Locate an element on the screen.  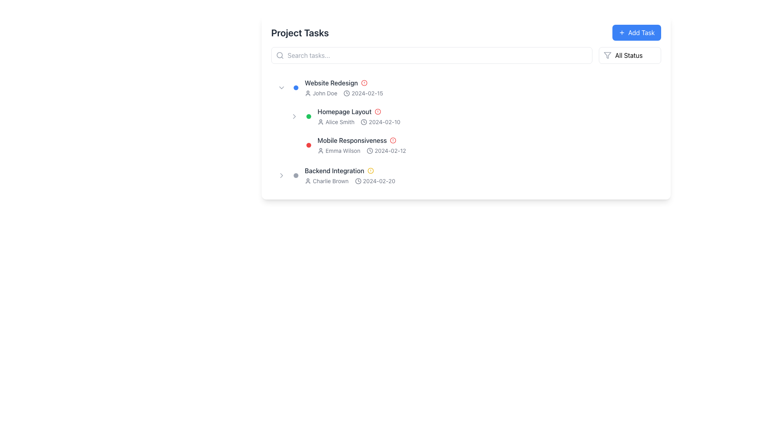
the text label displaying the user name 'Alice Smith' associated with the task 'Homepage Layout', located to the right of the user icon and before the task date is located at coordinates (340, 122).